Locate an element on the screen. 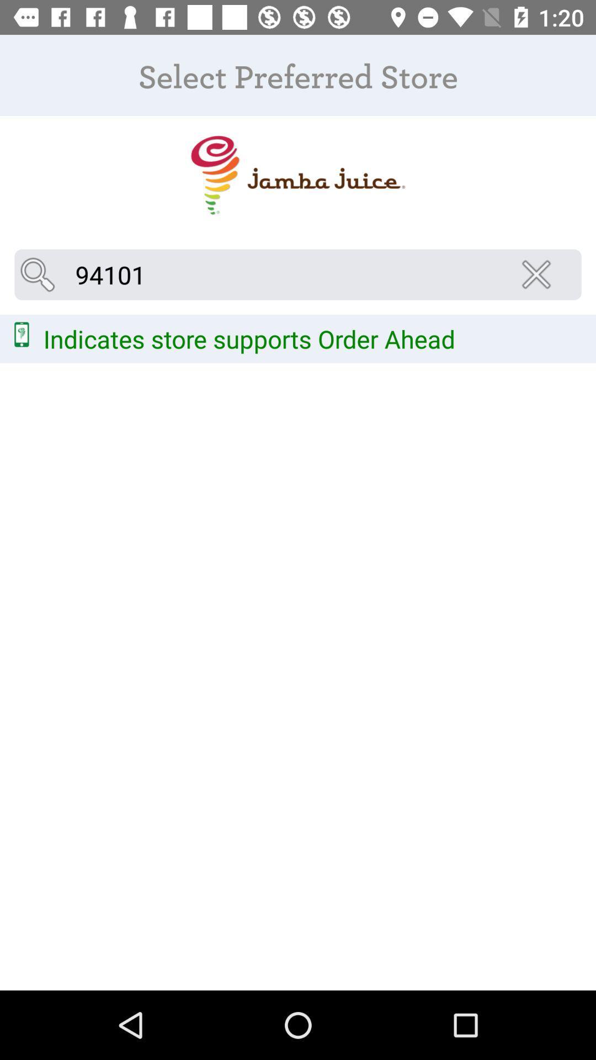  the close icon is located at coordinates (539, 274).